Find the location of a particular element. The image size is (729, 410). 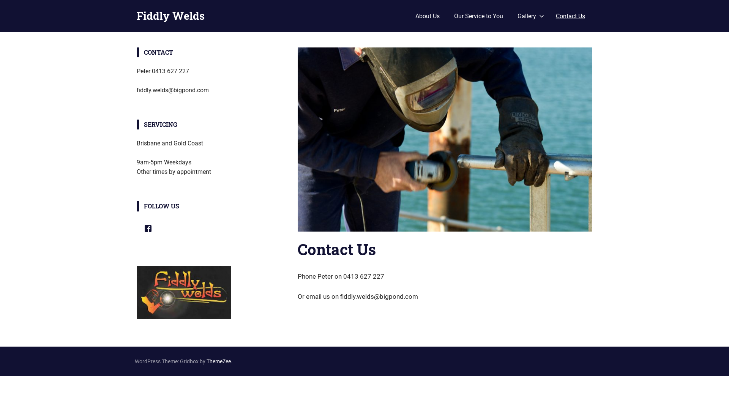

'About Us' is located at coordinates (427, 16).